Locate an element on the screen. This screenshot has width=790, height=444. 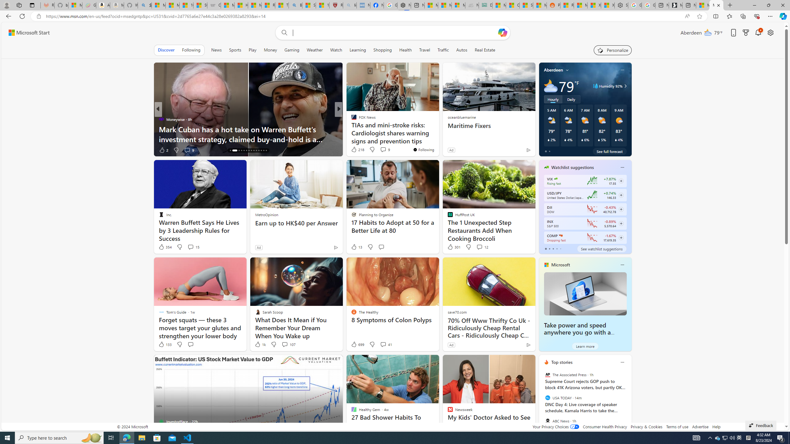
'Microsoft Is Bringing Recall Back to Windows 11' is located at coordinates (438, 138).